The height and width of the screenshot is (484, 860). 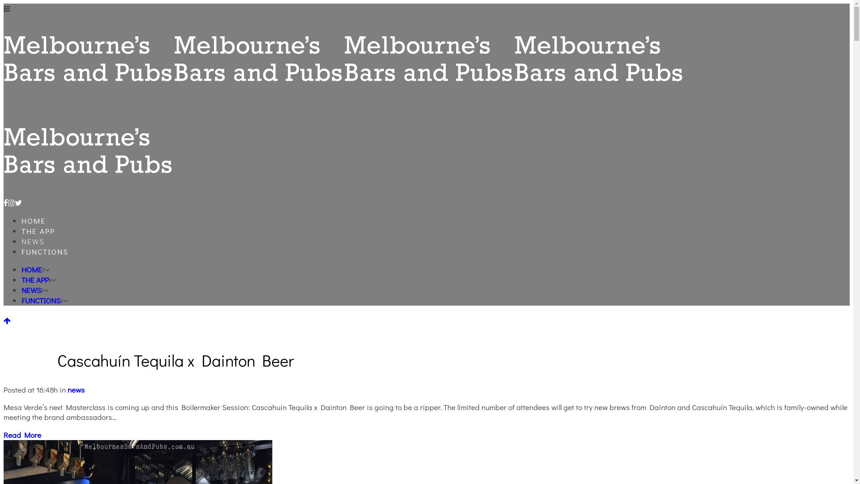 I want to click on 'Read More', so click(x=22, y=434).